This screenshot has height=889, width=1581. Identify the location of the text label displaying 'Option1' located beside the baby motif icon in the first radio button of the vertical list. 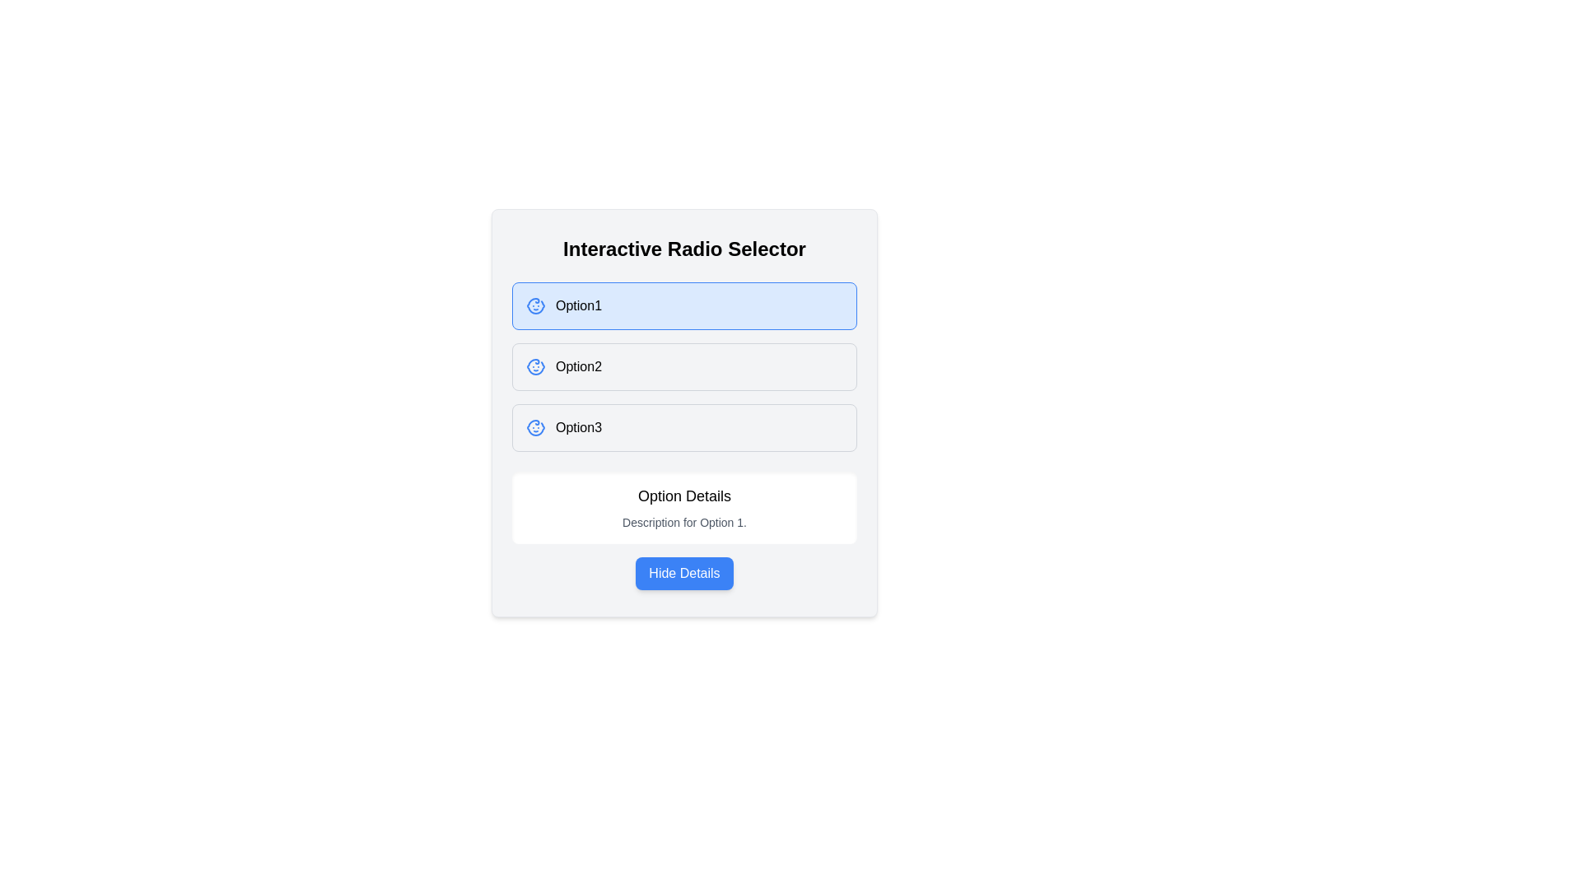
(579, 305).